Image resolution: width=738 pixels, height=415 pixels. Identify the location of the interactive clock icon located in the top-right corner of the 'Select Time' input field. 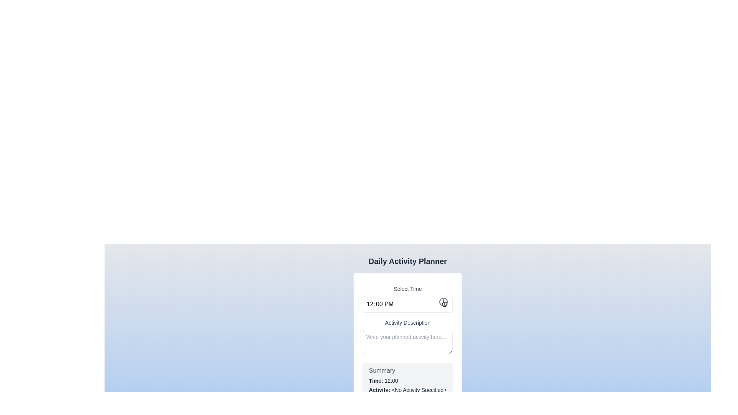
(444, 302).